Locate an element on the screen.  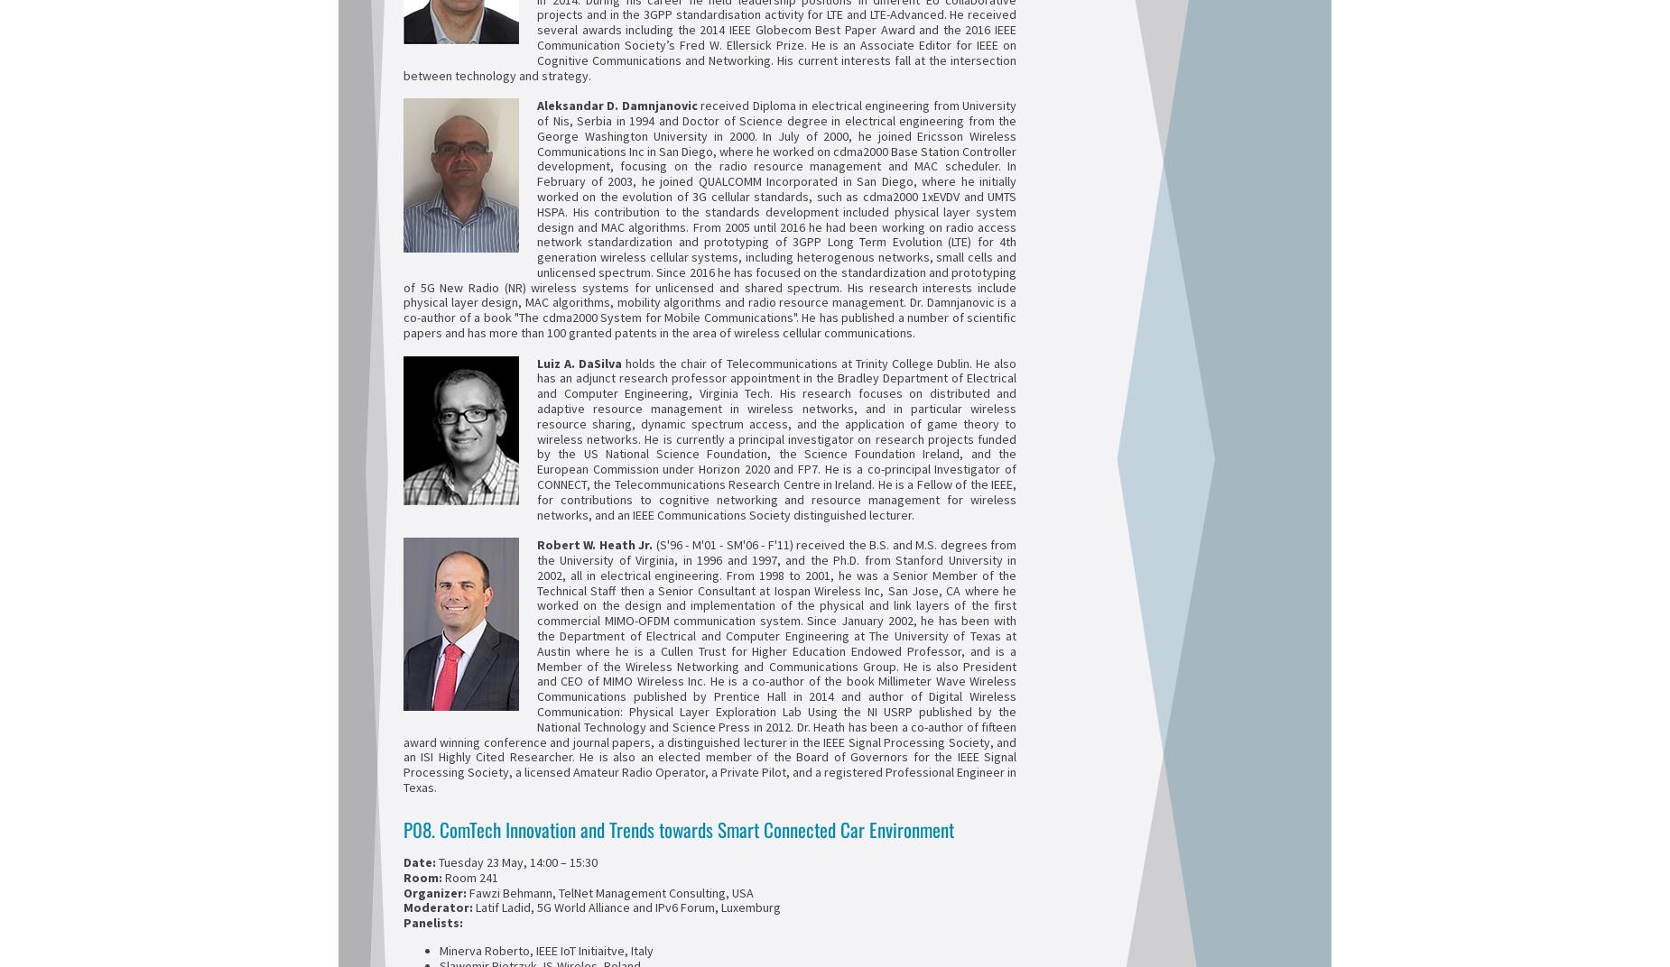
'Minerva Roberto, IEEE IoT Initiaitve, Italy' is located at coordinates (546, 950).